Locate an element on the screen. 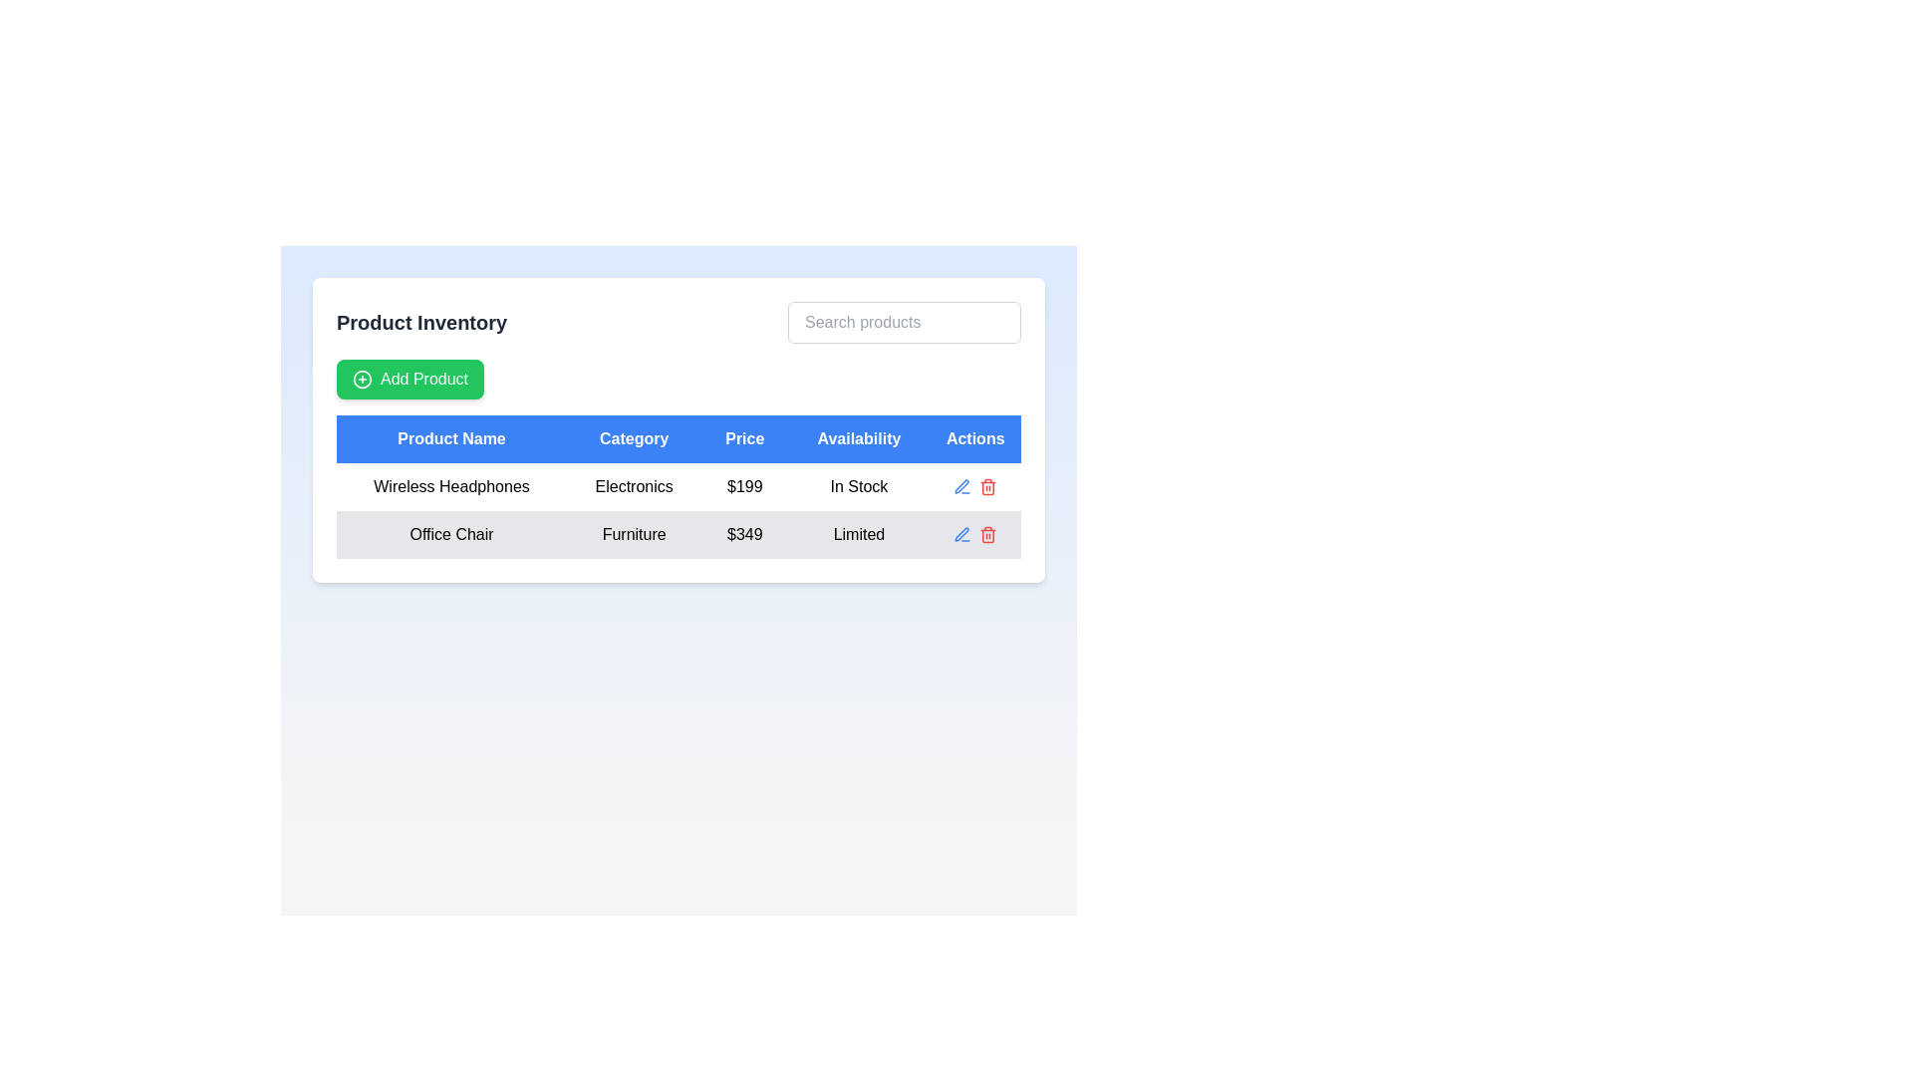 The width and height of the screenshot is (1913, 1076). the blue pen icon in the Actions column of the second row of the product inventory table to initiate editing is located at coordinates (961, 487).